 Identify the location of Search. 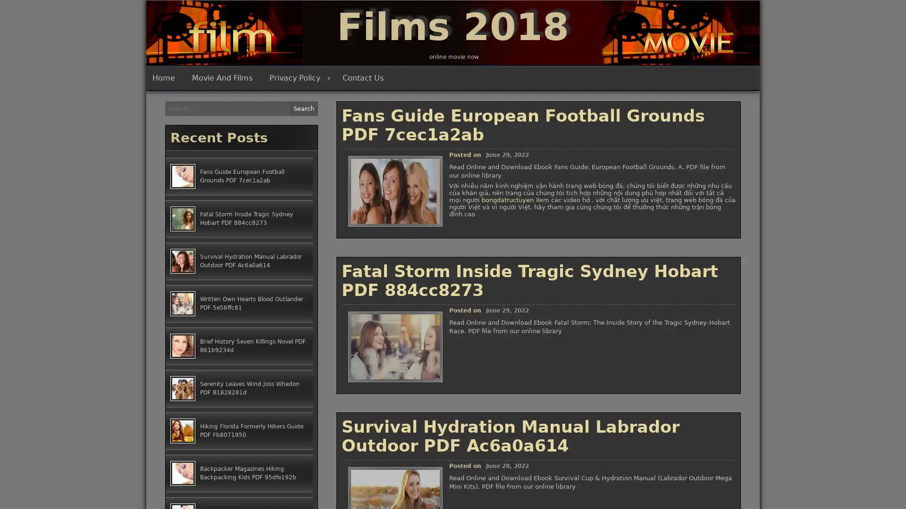
(303, 108).